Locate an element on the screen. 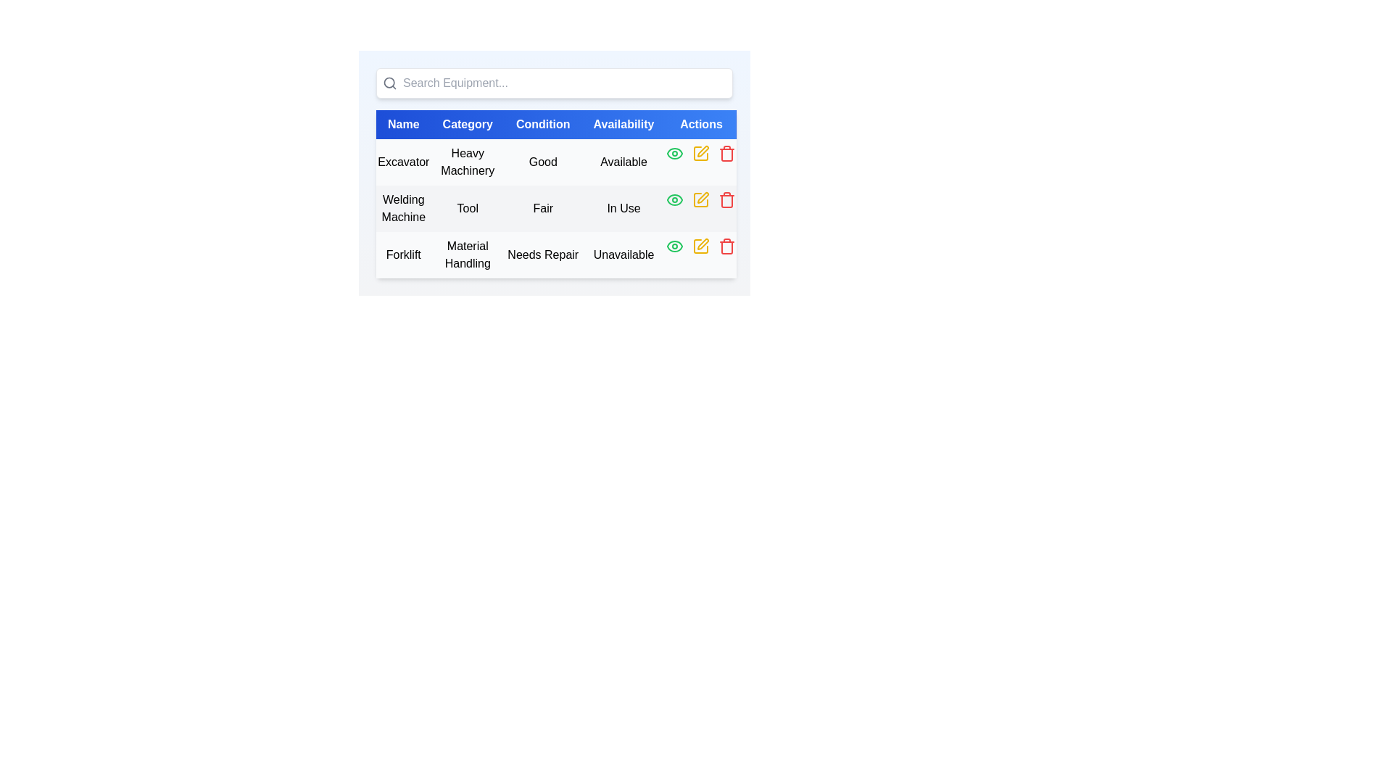 The width and height of the screenshot is (1392, 783). text from the Table Header of the data table, which includes the labels 'Name', 'Category', 'Condition', 'Availability', and 'Actions' is located at coordinates (555, 124).